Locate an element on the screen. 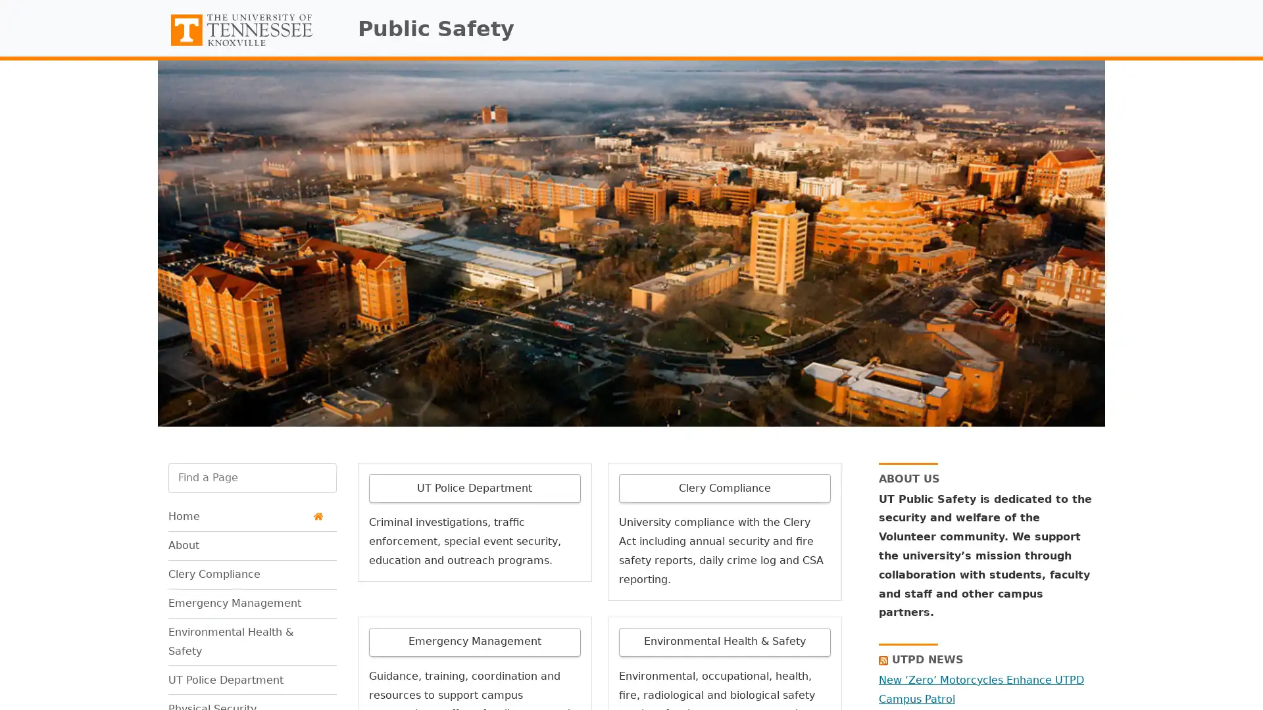  Home is located at coordinates (245, 515).